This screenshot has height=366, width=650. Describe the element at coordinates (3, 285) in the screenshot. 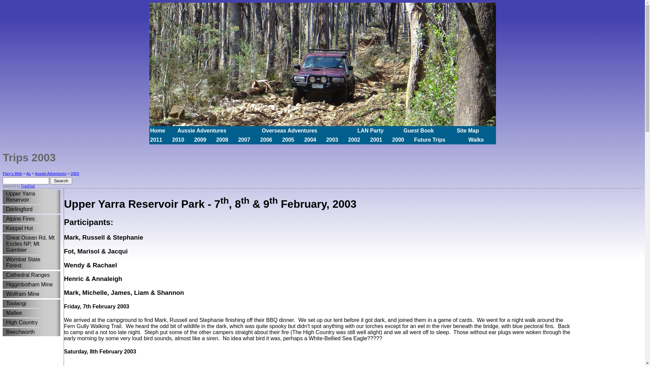

I see `'Higginbotham Mine'` at that location.